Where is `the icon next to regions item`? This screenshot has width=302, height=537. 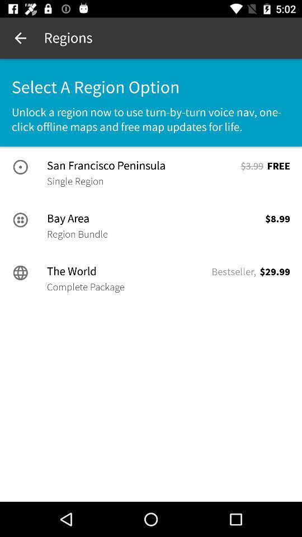 the icon next to regions item is located at coordinates (20, 38).